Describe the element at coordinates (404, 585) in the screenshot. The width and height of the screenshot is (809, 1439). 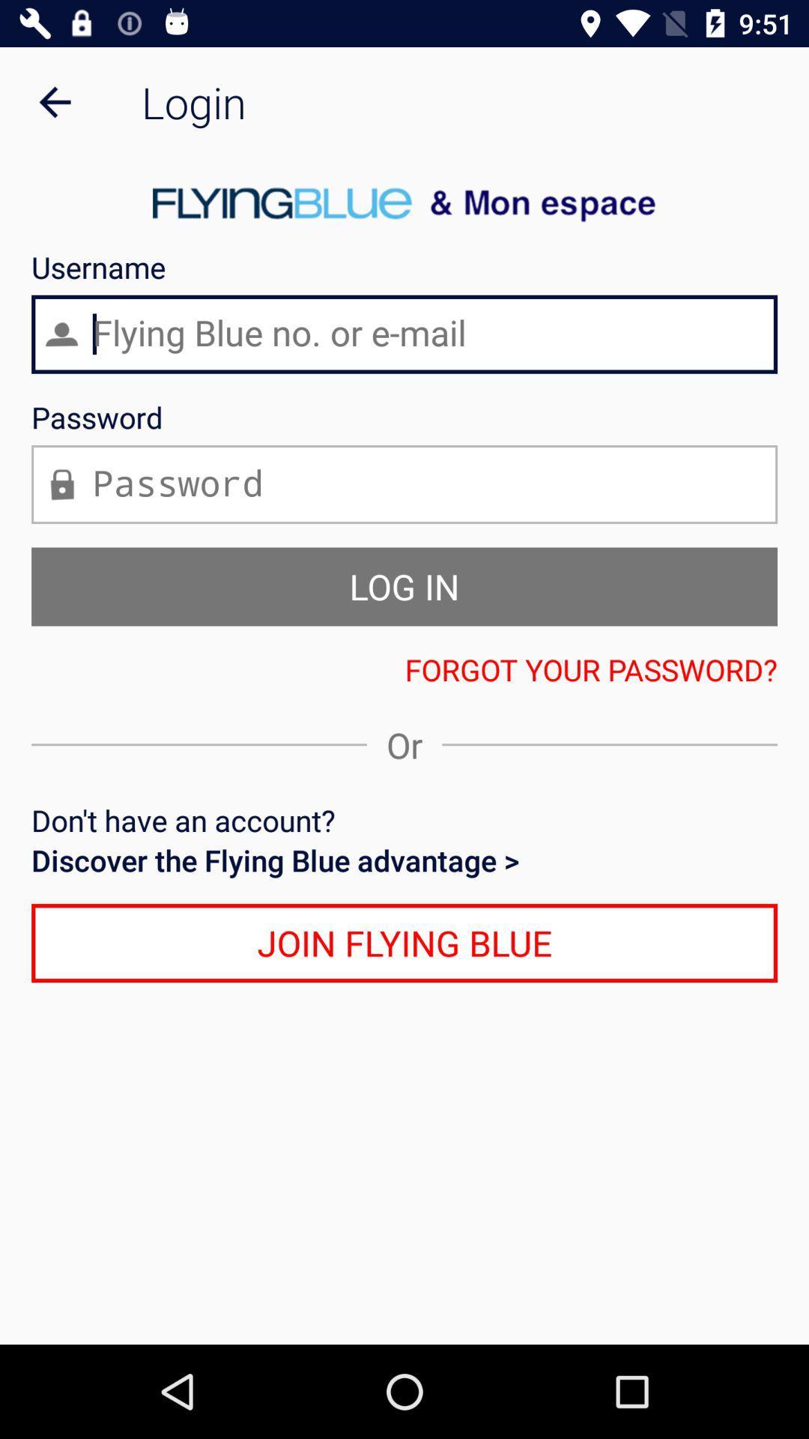
I see `the log in` at that location.